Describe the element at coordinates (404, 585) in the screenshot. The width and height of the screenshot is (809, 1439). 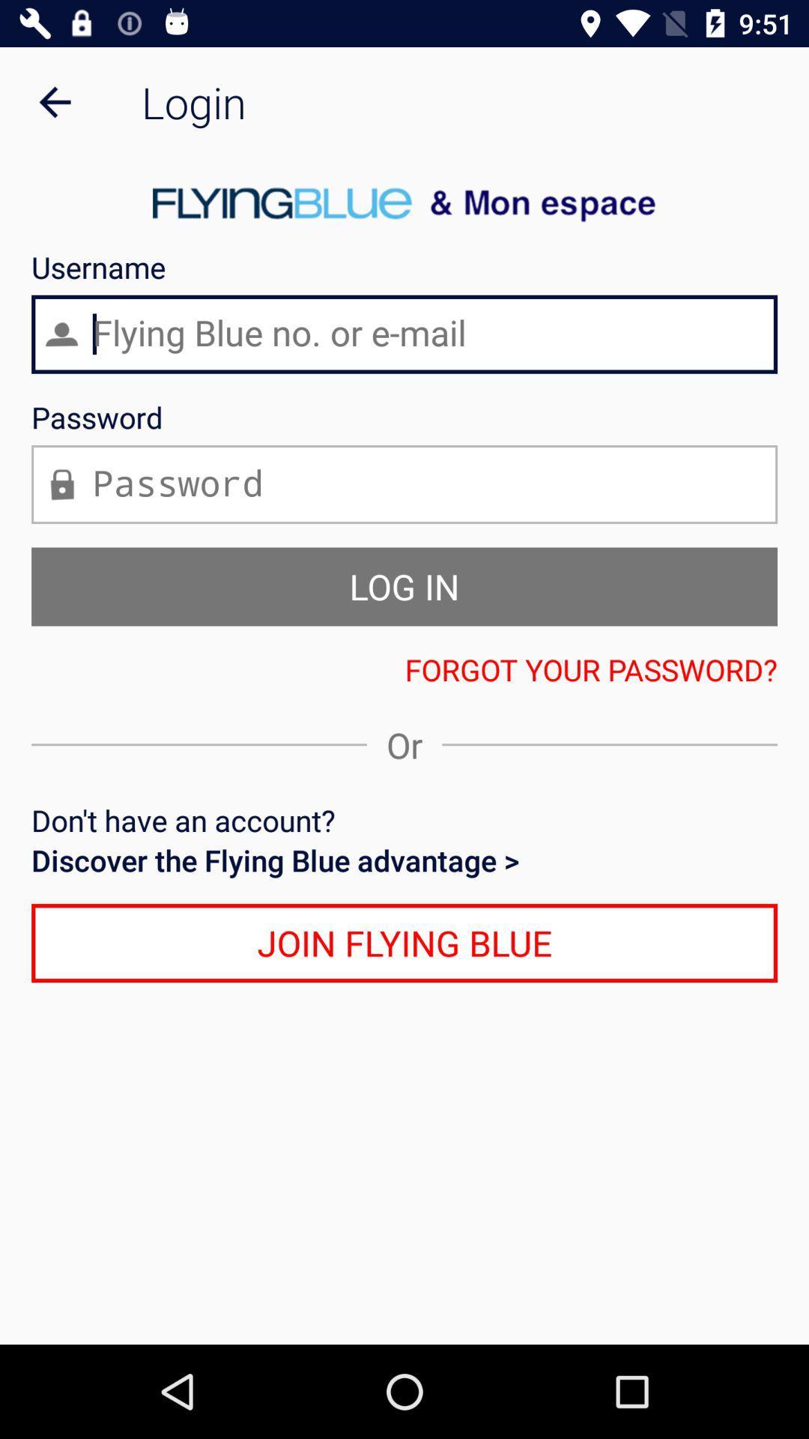
I see `the log in` at that location.